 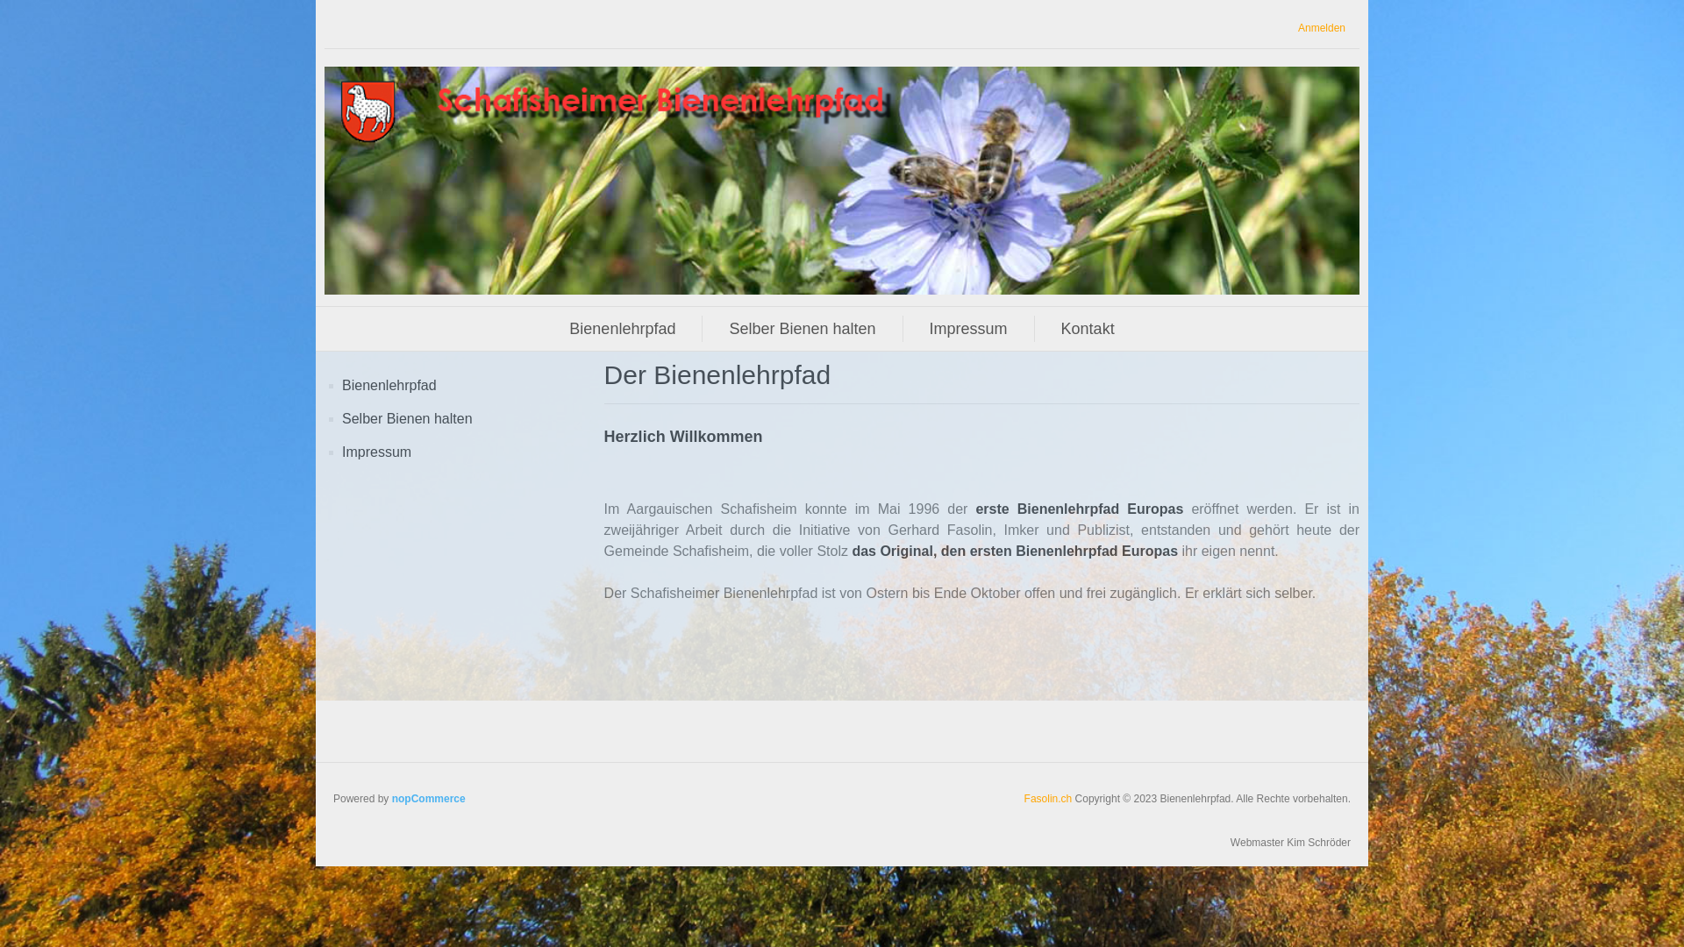 What do you see at coordinates (375, 452) in the screenshot?
I see `'Impressum'` at bounding box center [375, 452].